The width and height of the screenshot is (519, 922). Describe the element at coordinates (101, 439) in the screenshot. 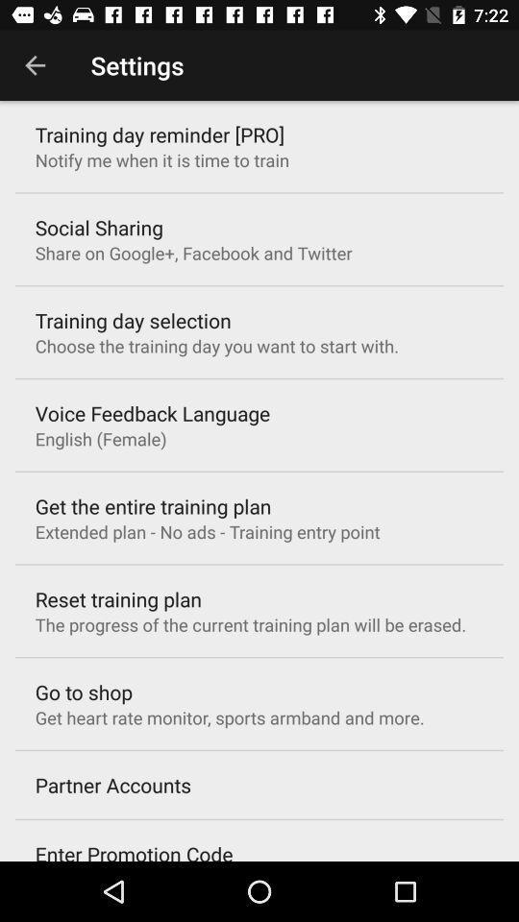

I see `english (female) item` at that location.